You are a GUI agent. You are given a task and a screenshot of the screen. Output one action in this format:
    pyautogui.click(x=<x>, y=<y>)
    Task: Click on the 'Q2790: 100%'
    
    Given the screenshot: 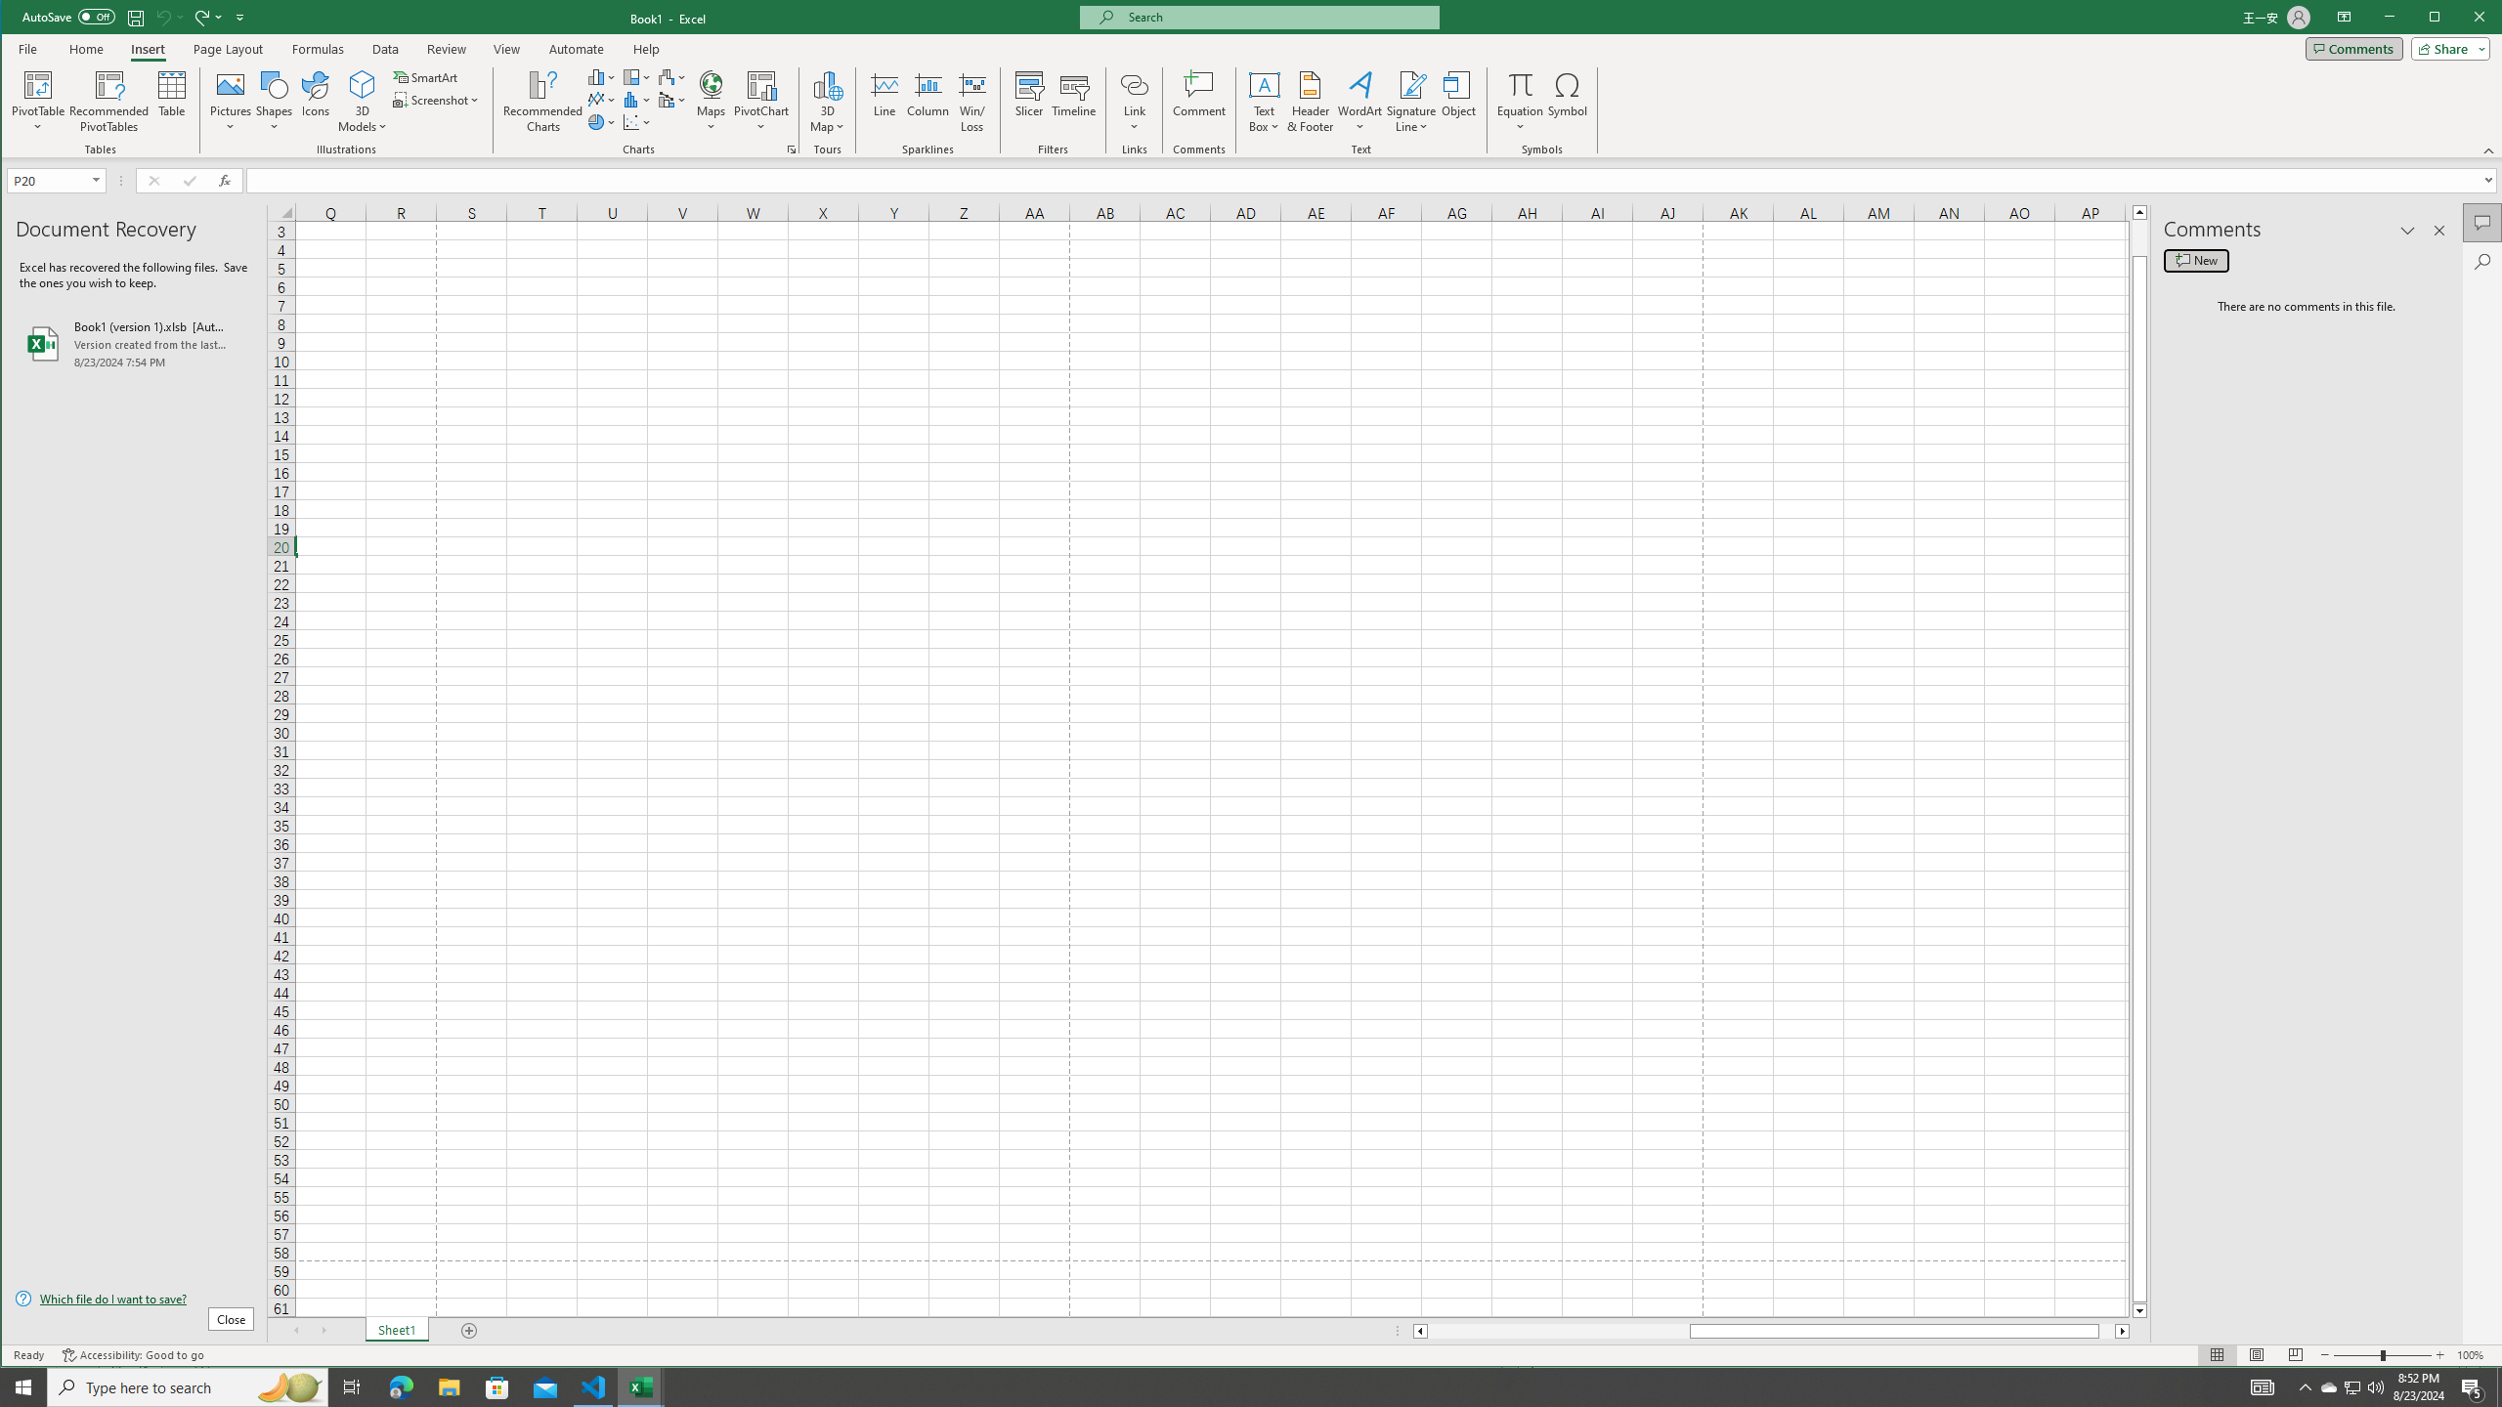 What is the action you would take?
    pyautogui.click(x=2374, y=1386)
    